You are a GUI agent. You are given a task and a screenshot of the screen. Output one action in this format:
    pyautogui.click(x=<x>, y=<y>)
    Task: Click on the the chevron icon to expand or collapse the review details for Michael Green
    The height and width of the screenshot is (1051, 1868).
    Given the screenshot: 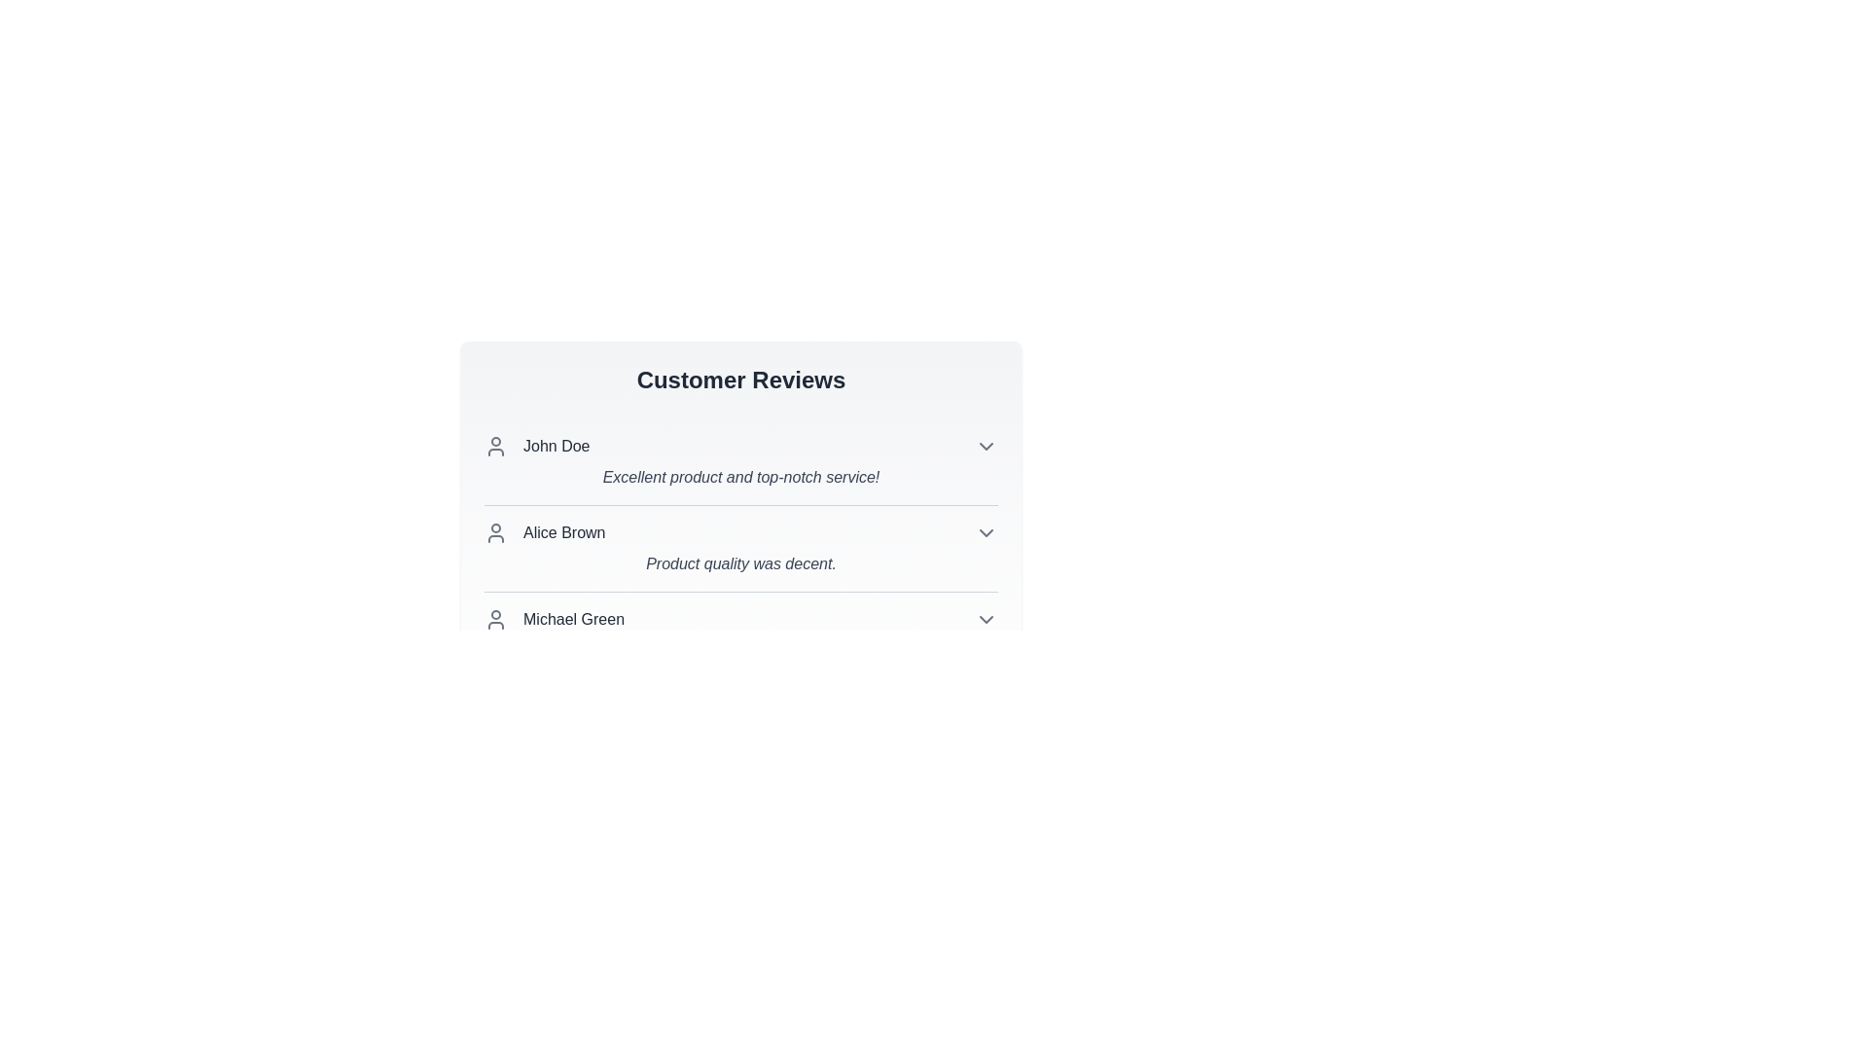 What is the action you would take?
    pyautogui.click(x=986, y=619)
    